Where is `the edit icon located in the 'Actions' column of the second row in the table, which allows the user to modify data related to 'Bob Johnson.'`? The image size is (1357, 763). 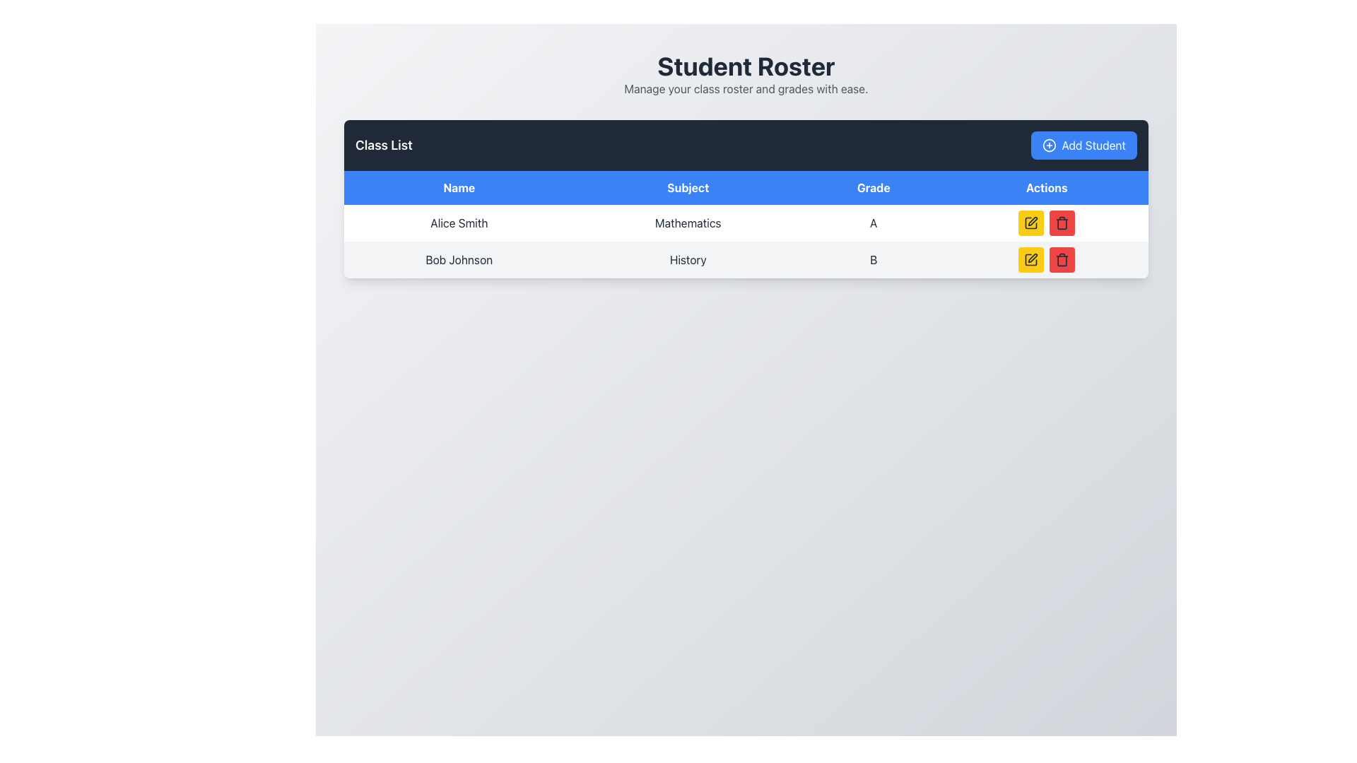 the edit icon located in the 'Actions' column of the second row in the table, which allows the user to modify data related to 'Bob Johnson.' is located at coordinates (1031, 223).